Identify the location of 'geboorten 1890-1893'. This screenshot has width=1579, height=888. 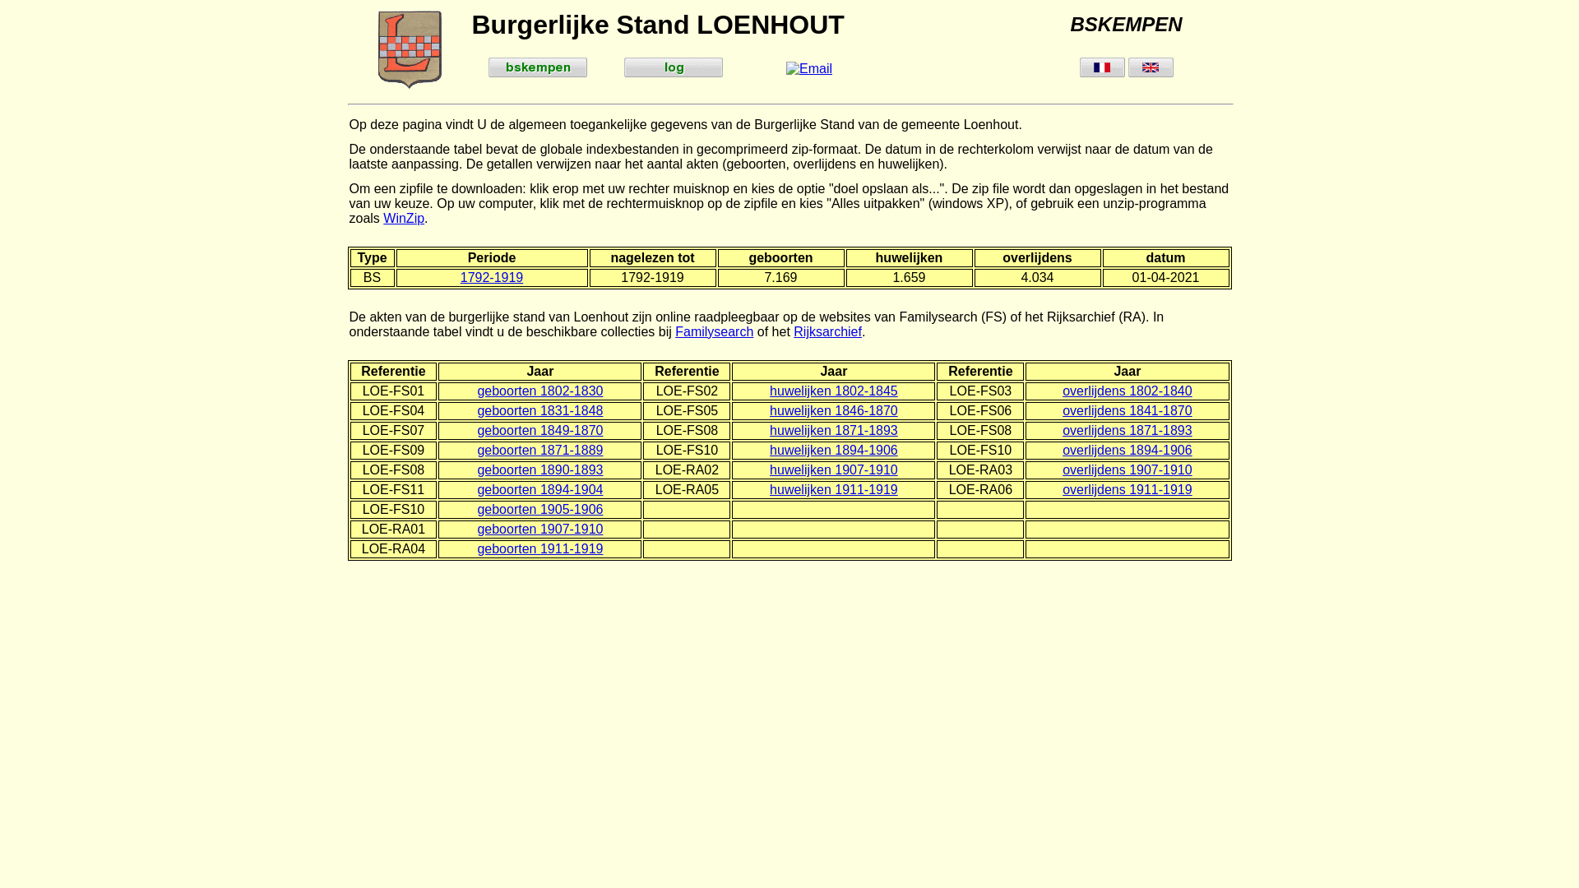
(539, 469).